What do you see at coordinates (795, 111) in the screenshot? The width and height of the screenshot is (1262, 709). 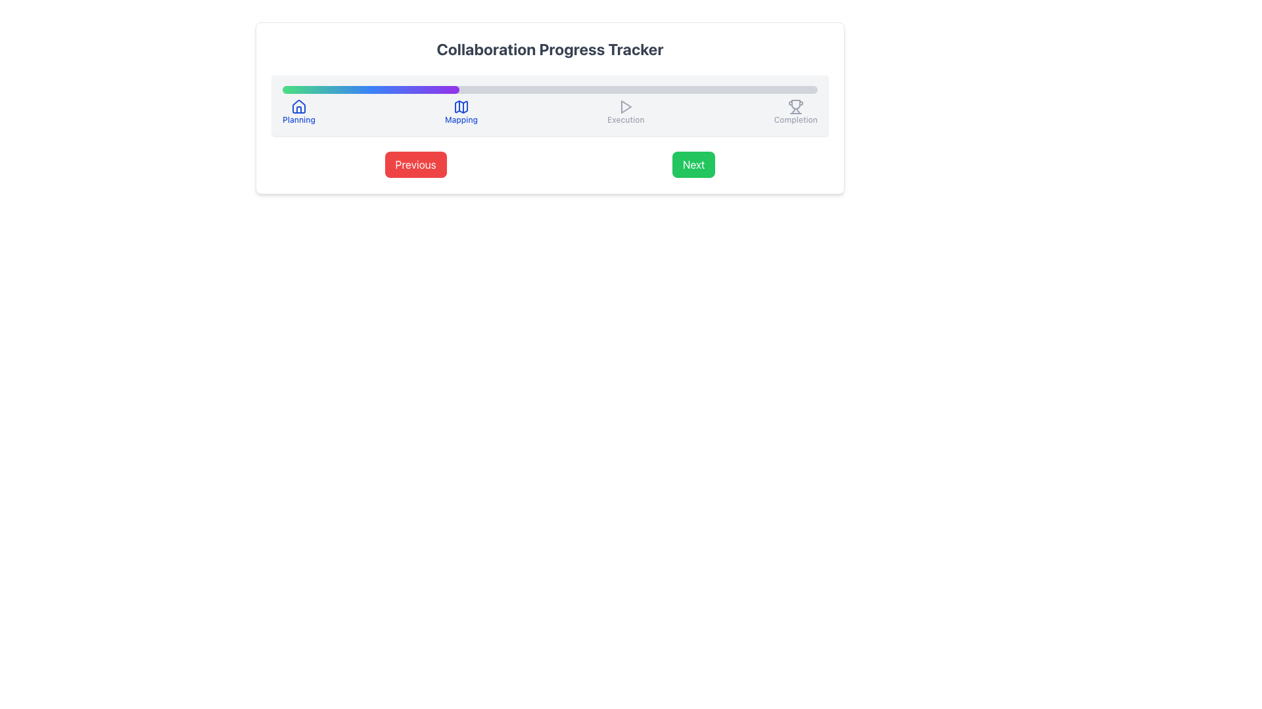 I see `the trophy icon labeled 'Completion' in the progress tracking UI component, which is the last element in a sequence of four stages` at bounding box center [795, 111].